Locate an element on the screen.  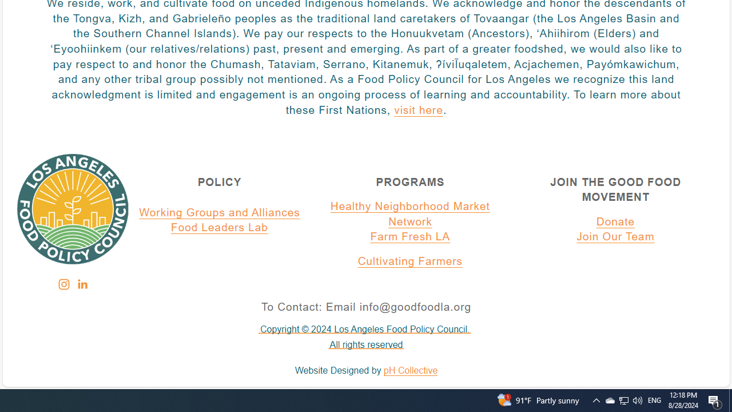
'Donate' is located at coordinates (615, 221).